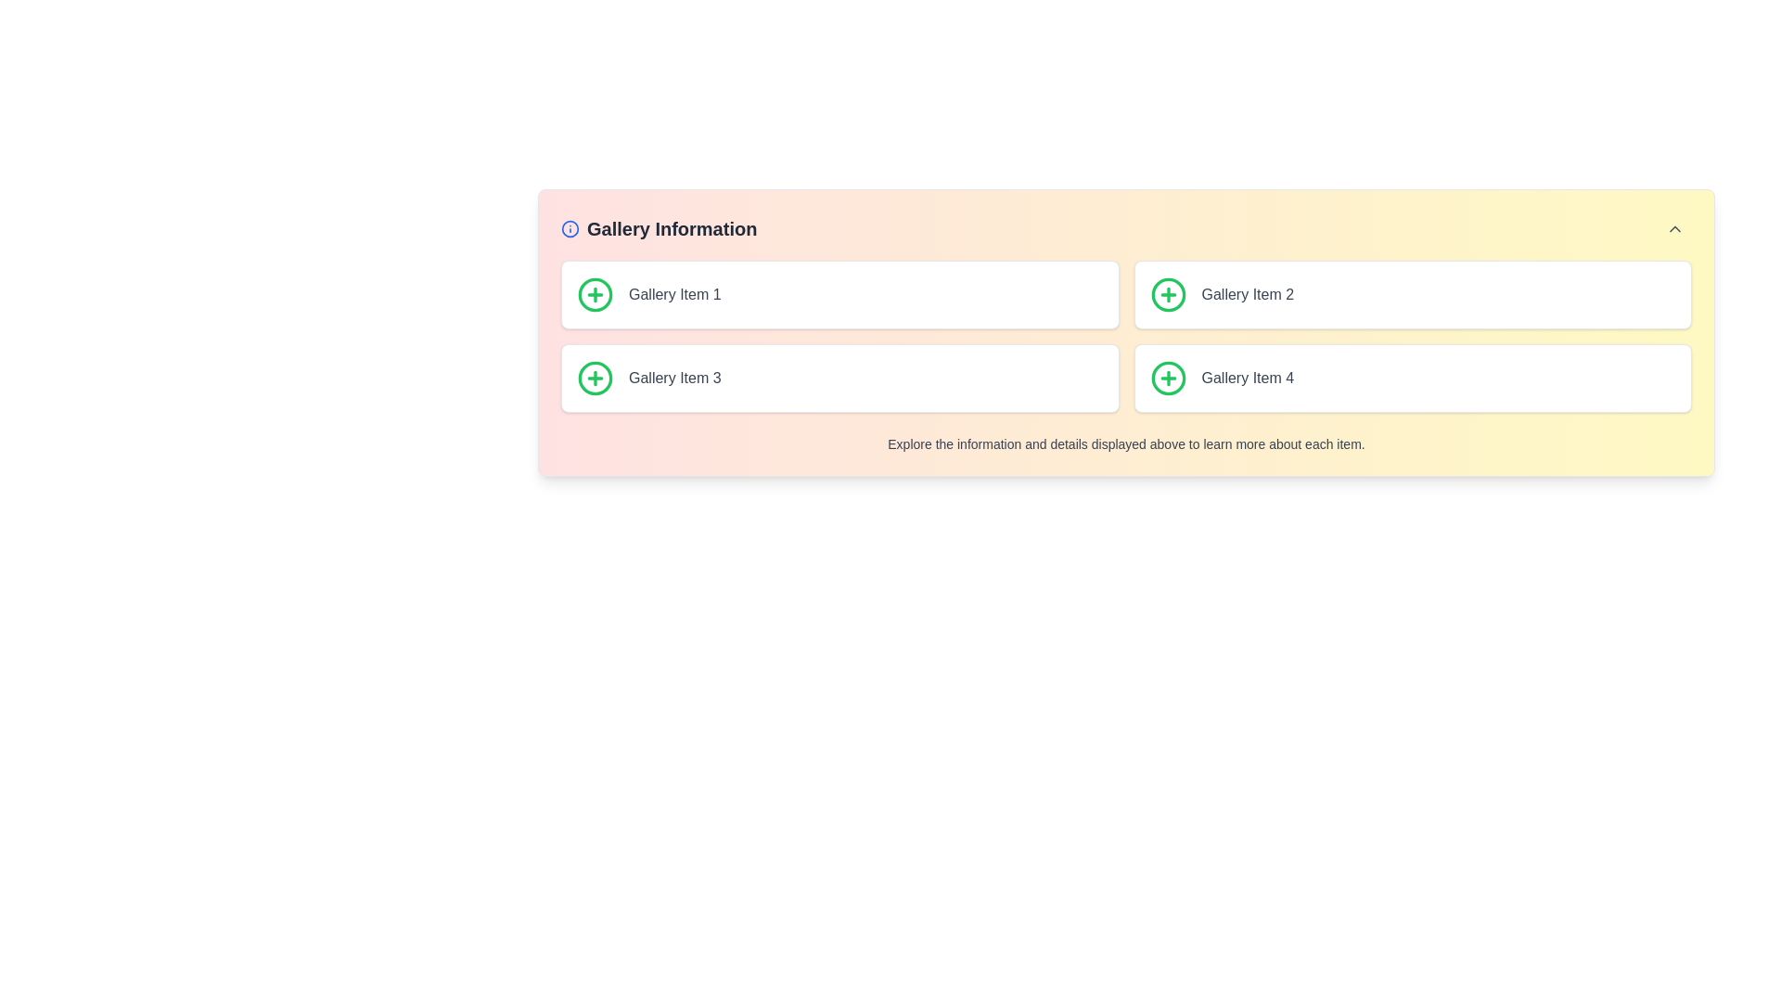 The height and width of the screenshot is (1002, 1781). I want to click on the text label that reads 'Gallery Item 2', which is styled with gray color and is positioned in the top-right section of a four-item grid layout, so click(1248, 293).